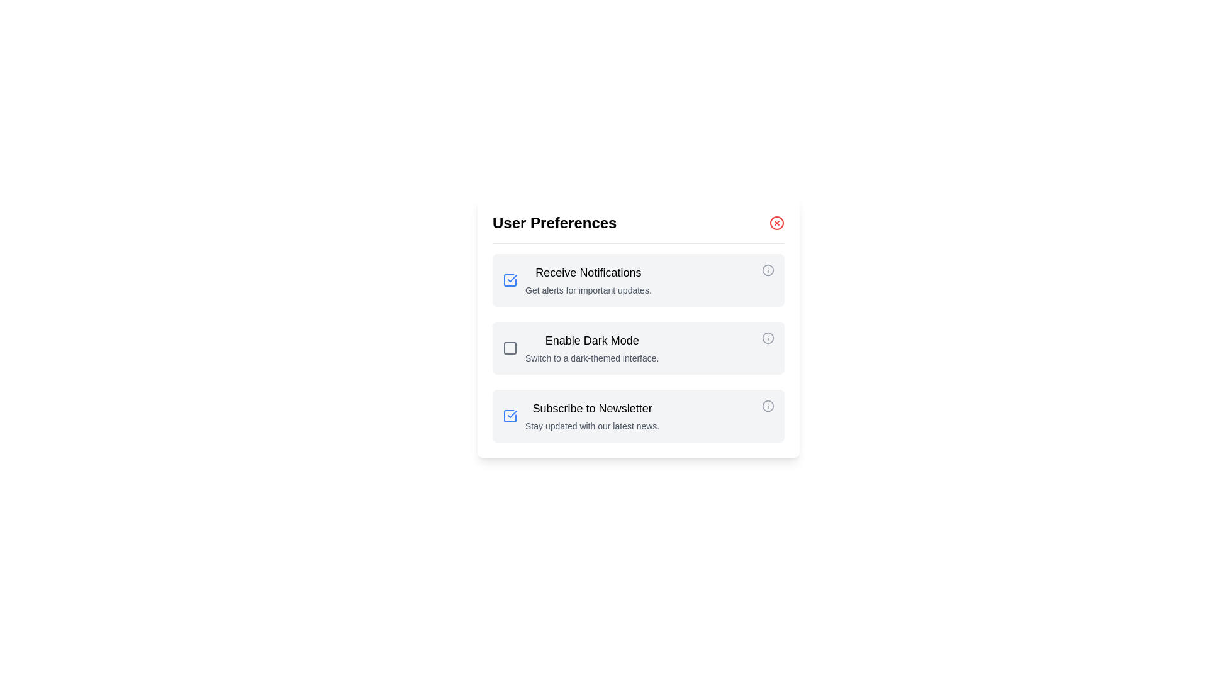 The height and width of the screenshot is (679, 1208). Describe the element at coordinates (767, 280) in the screenshot. I see `the small gray circle containing an 'i' icon located at the far-right of the 'Receive Notifications' section` at that location.